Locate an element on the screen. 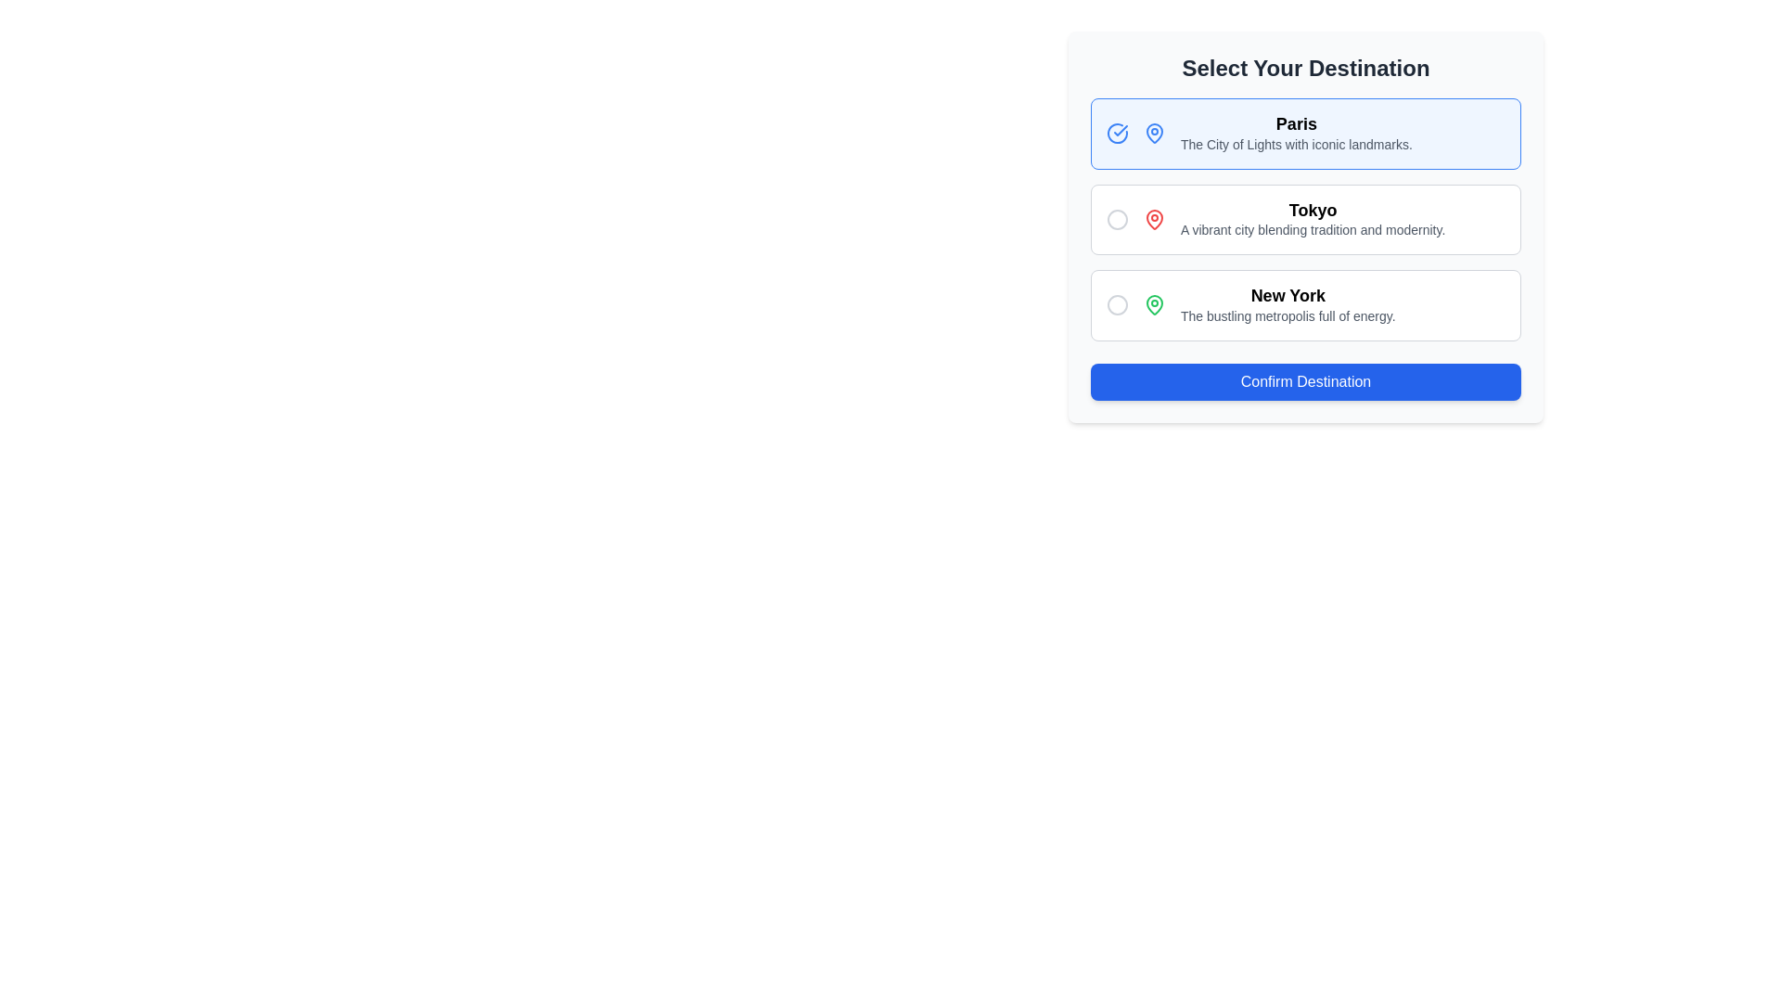 The image size is (1781, 1002). the red outlined drop pin icon located next to the Tokyo selection radio button in the 'Select Your Destination' panel is located at coordinates (1153, 217).